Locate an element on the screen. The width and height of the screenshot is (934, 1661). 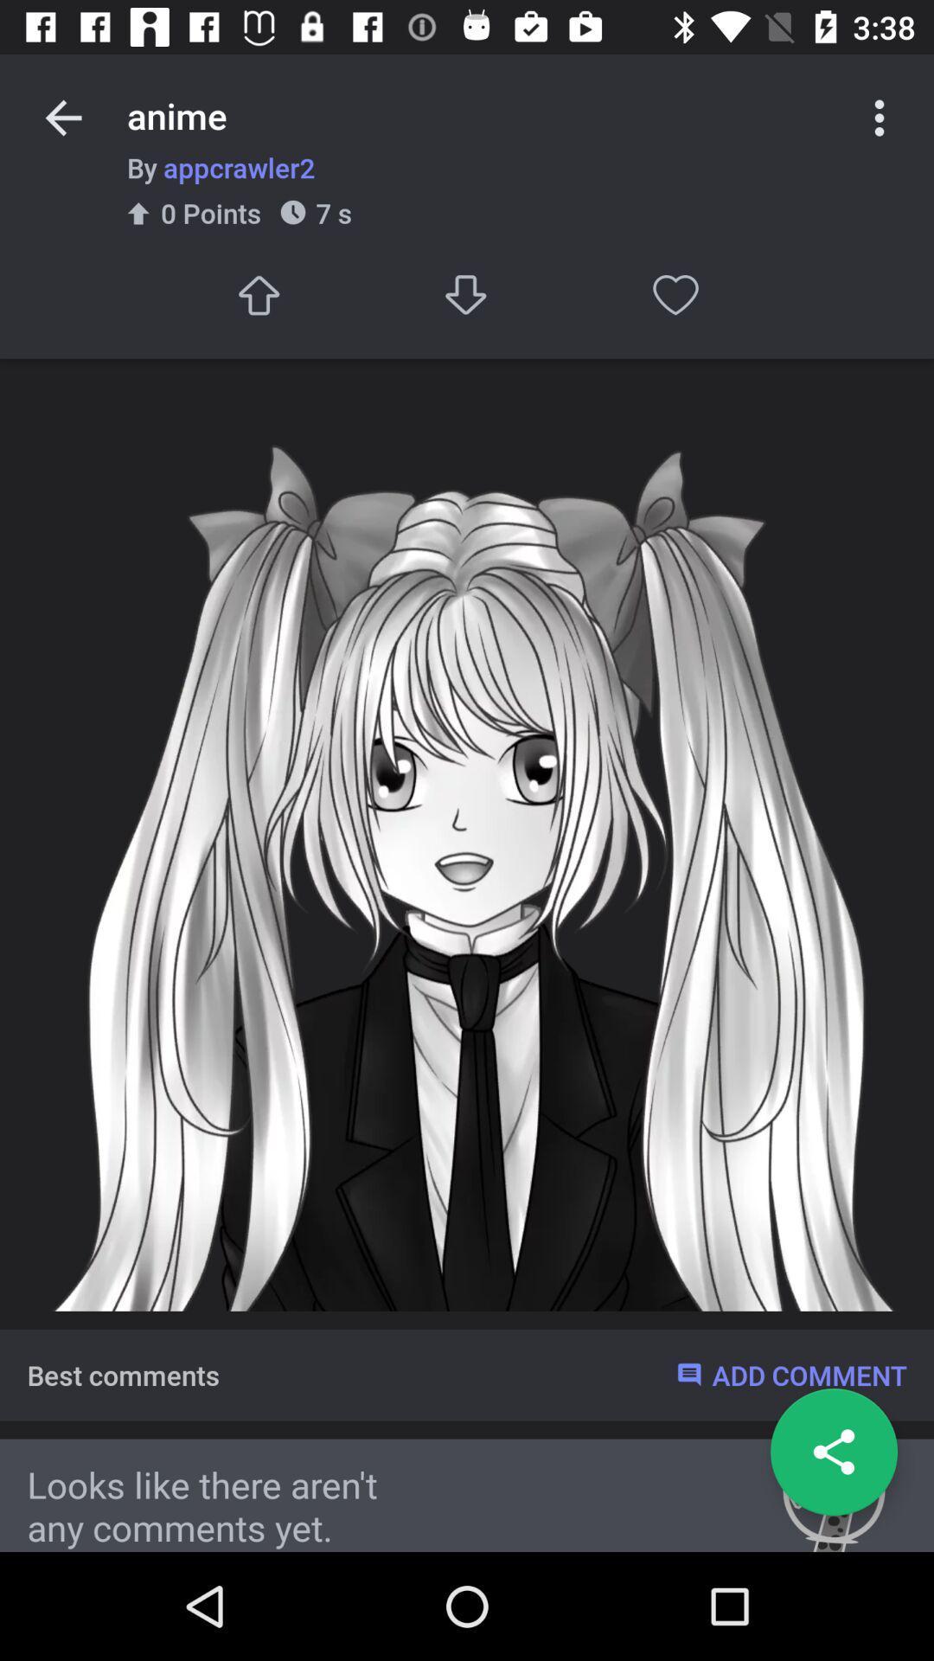
down arrow is located at coordinates (467, 295).